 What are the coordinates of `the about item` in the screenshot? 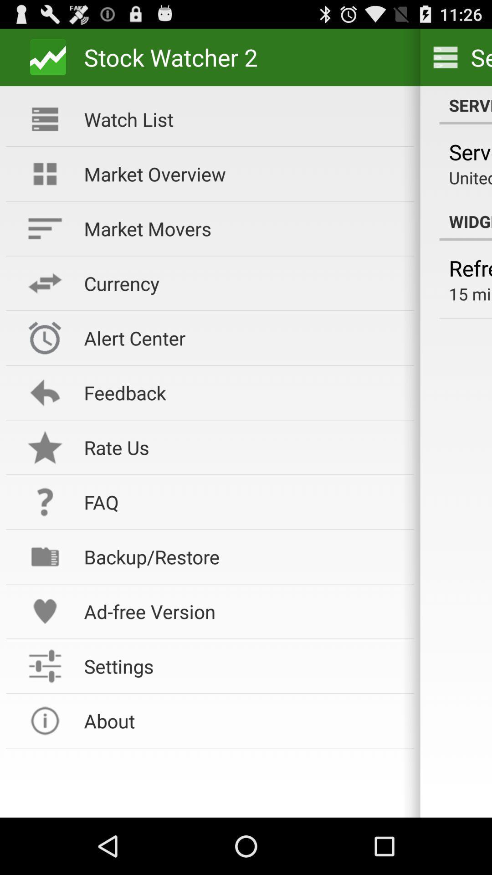 It's located at (242, 720).